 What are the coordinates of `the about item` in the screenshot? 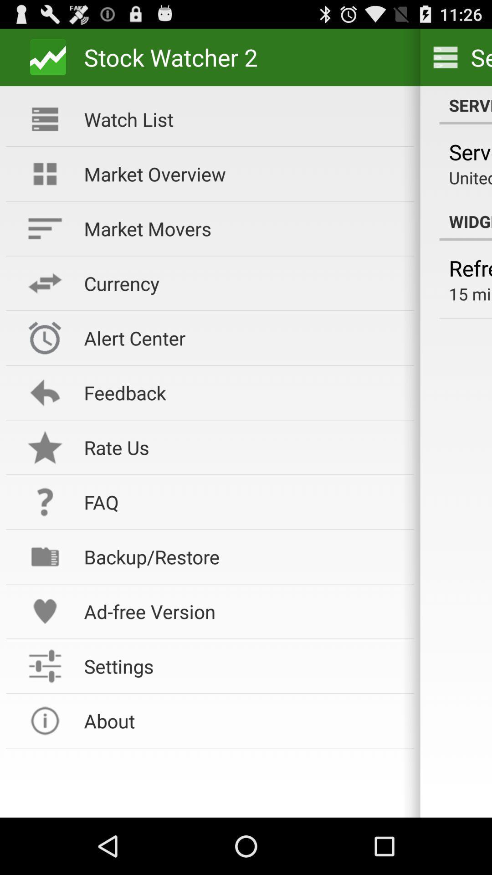 It's located at (242, 720).